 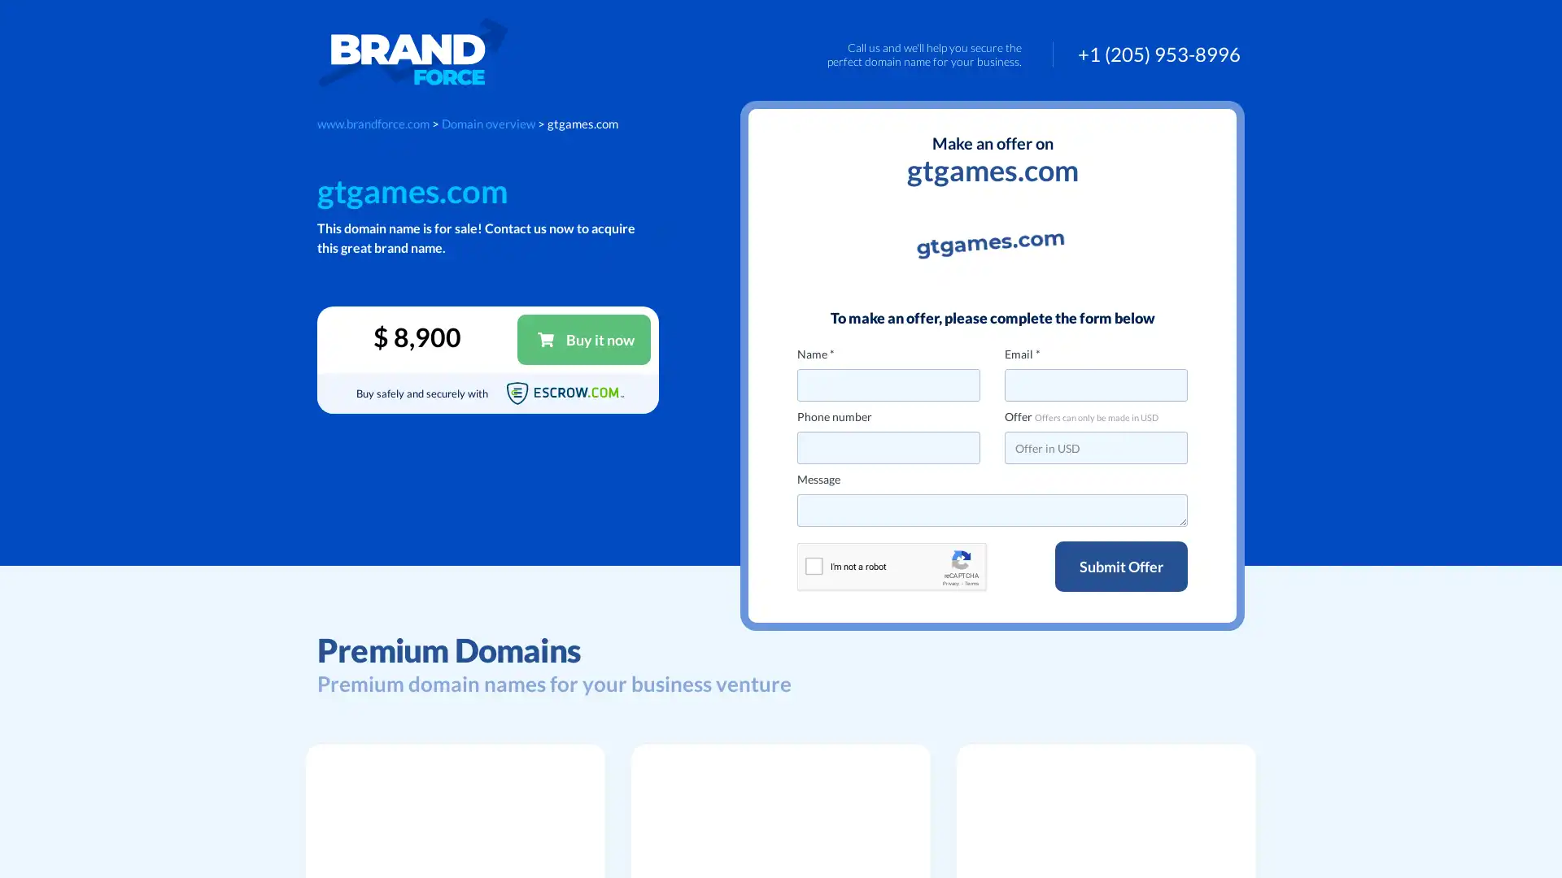 I want to click on Submit offer, so click(x=1120, y=566).